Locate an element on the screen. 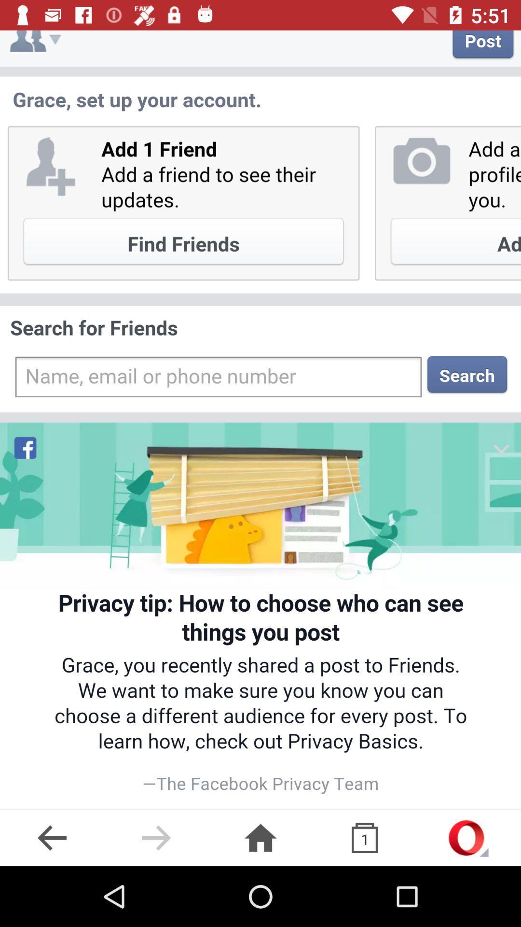 This screenshot has height=927, width=521. the arrow_forward icon is located at coordinates (156, 837).